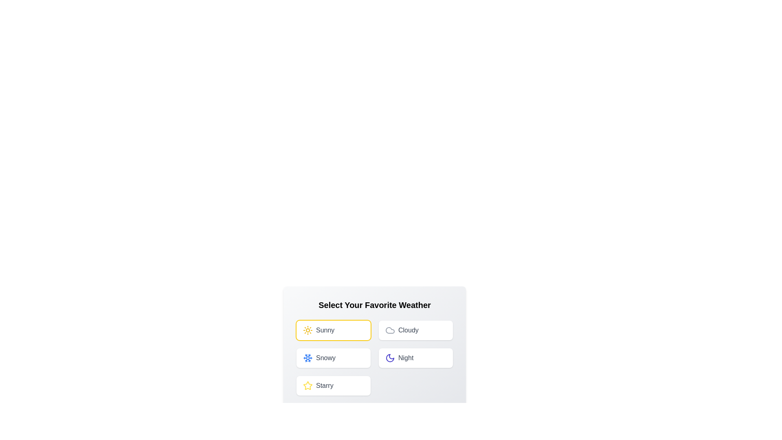 The width and height of the screenshot is (782, 440). What do you see at coordinates (326, 358) in the screenshot?
I see `text label for the 'Snowy' weather option located in the second column of the first row in the grid of weather options` at bounding box center [326, 358].